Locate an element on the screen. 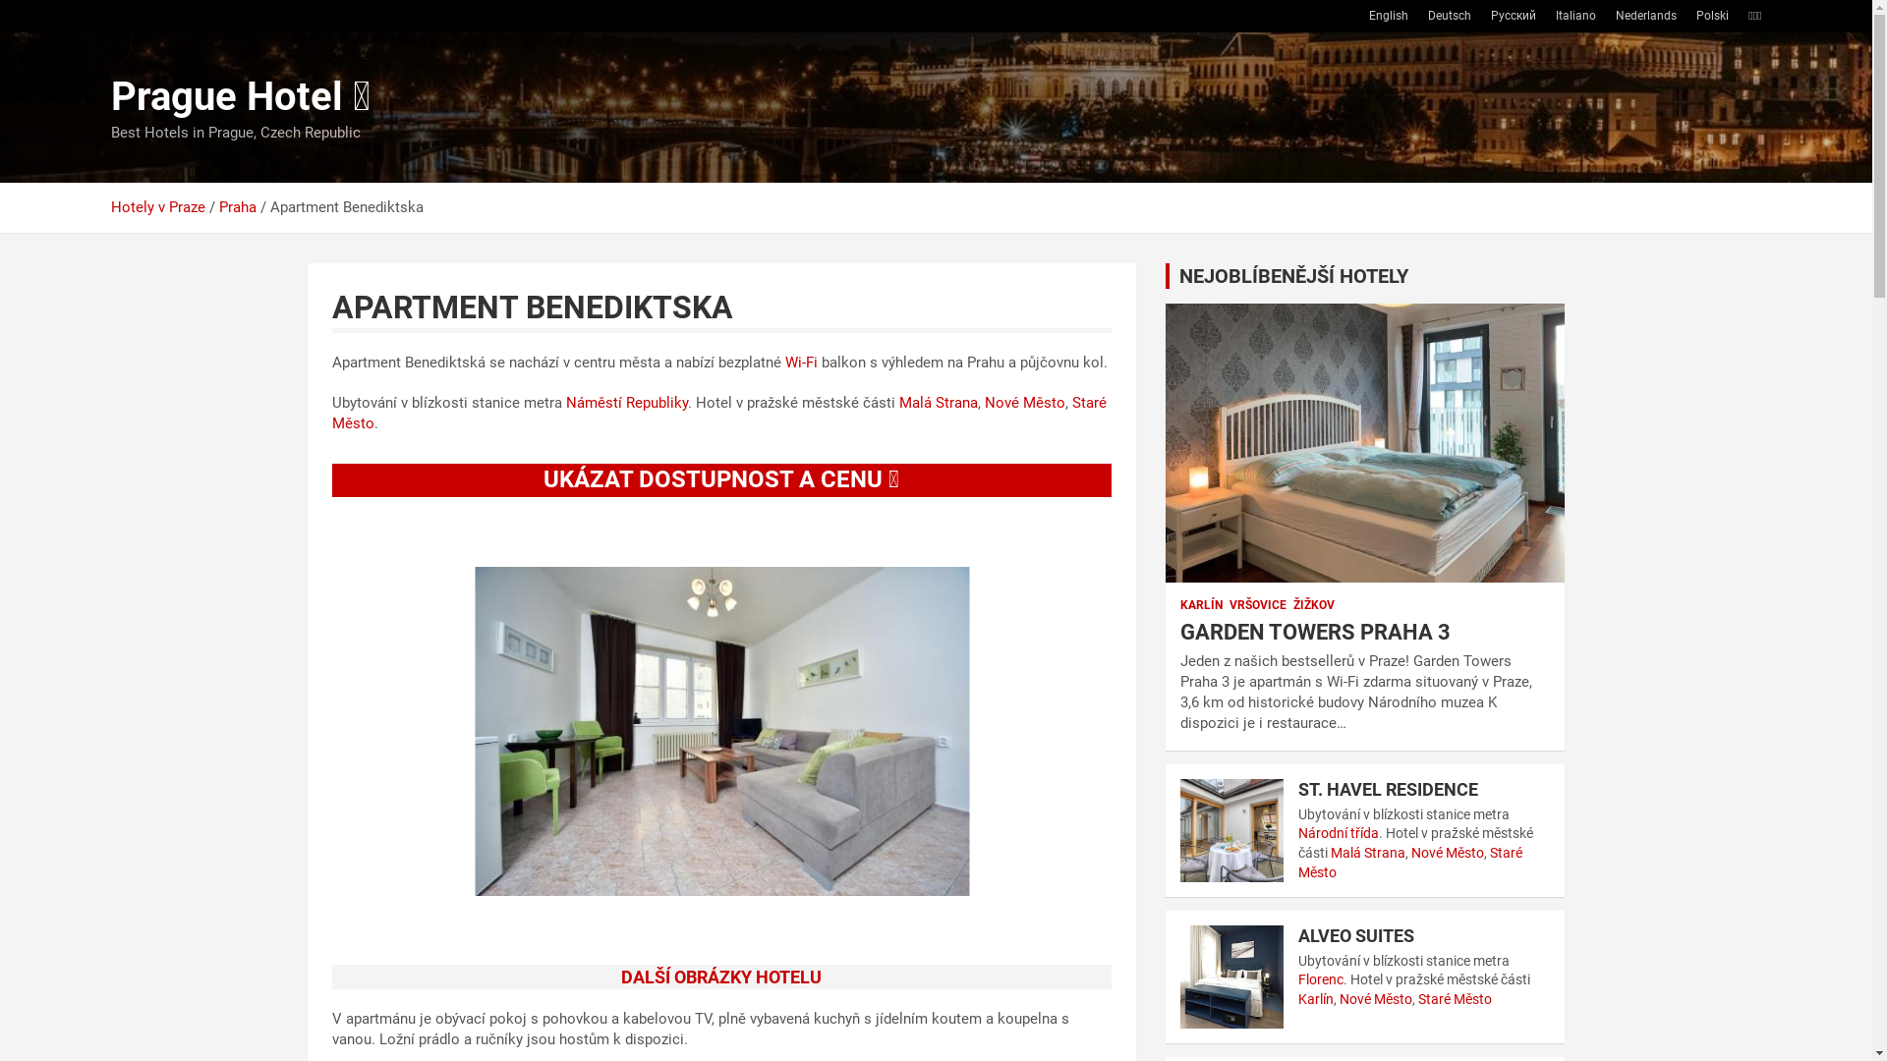 The width and height of the screenshot is (1887, 1061). 'ALVEO SUITES' is located at coordinates (1355, 934).